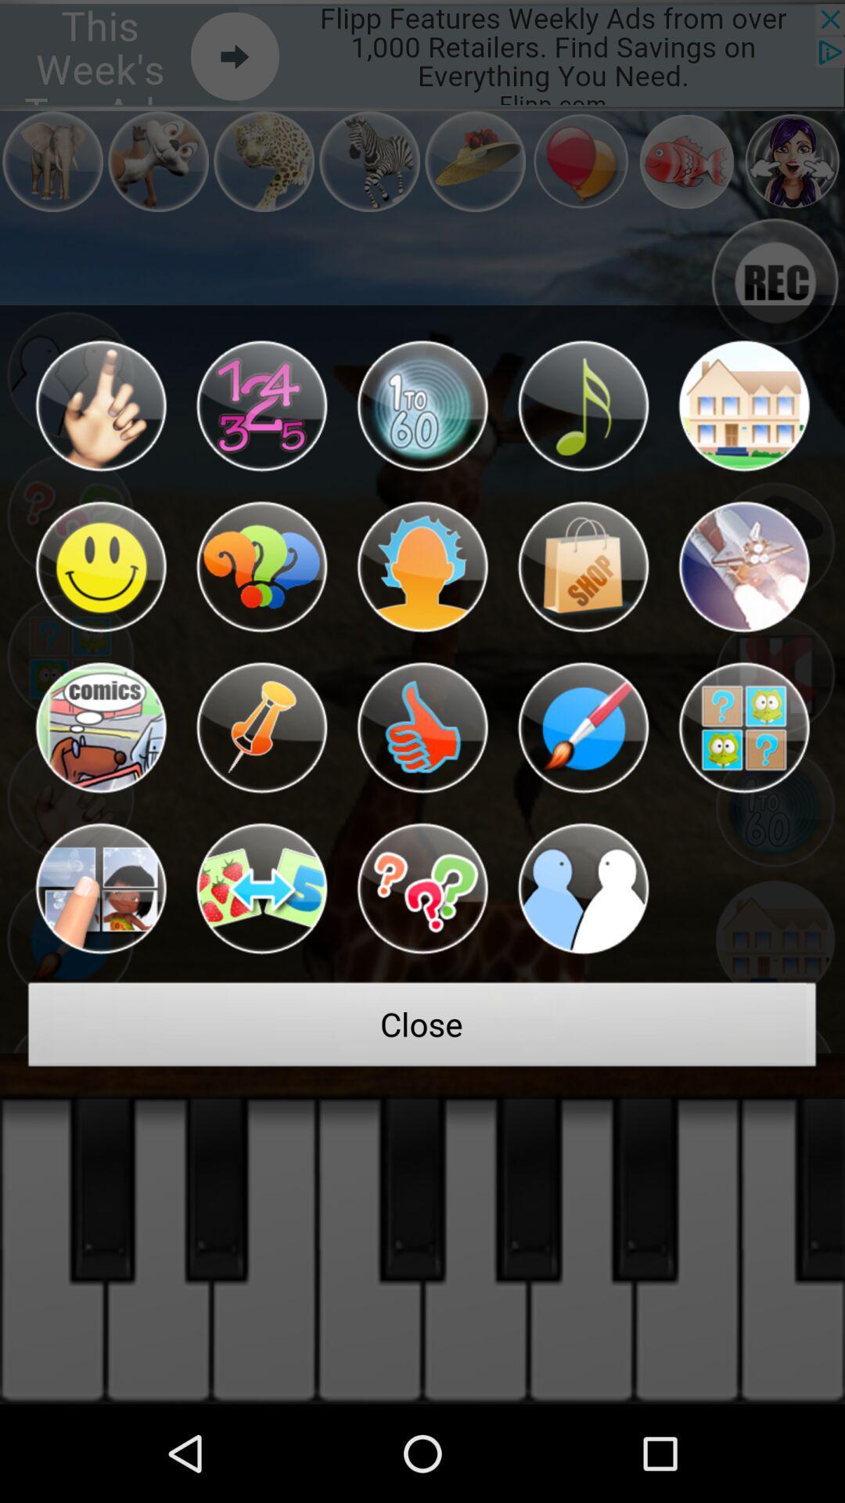 Image resolution: width=845 pixels, height=1503 pixels. What do you see at coordinates (583, 727) in the screenshot?
I see `paintbrush` at bounding box center [583, 727].